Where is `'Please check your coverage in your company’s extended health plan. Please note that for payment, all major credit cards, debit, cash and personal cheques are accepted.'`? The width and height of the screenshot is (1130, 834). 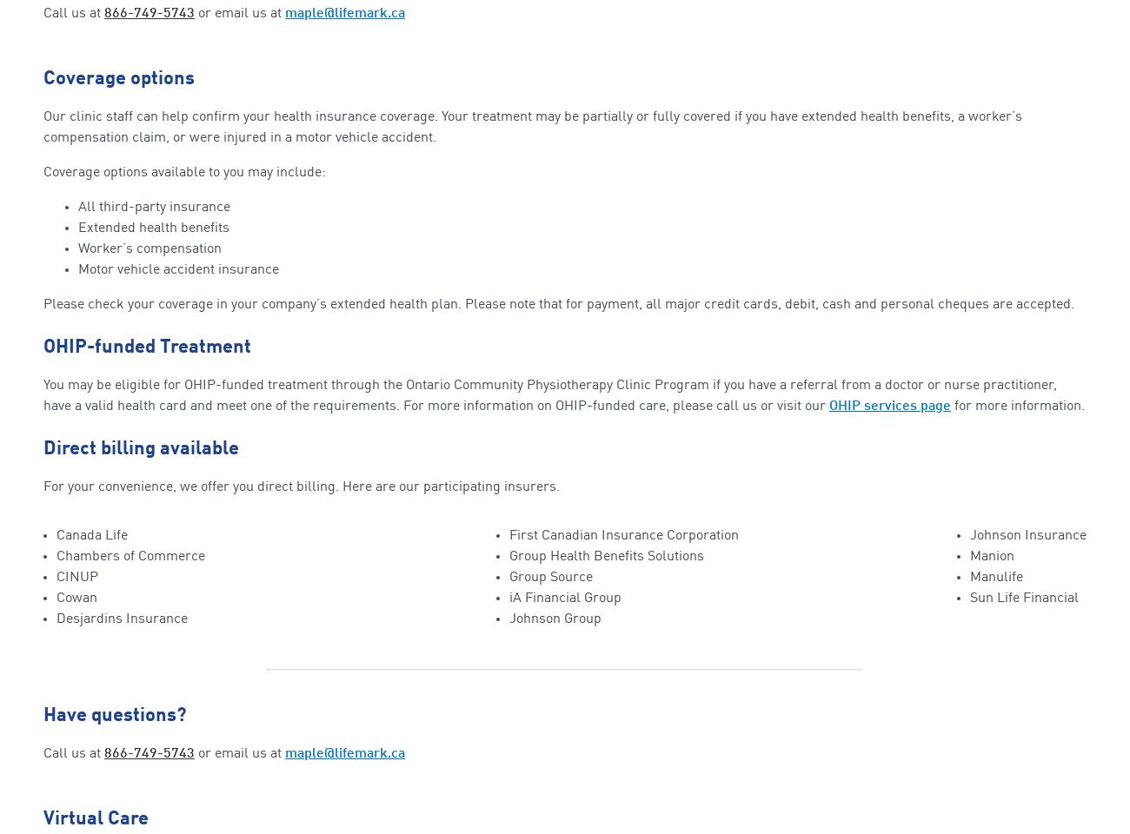
'Please check your coverage in your company’s extended health plan. Please note that for payment, all major credit cards, debit, cash and personal cheques are accepted.' is located at coordinates (558, 304).